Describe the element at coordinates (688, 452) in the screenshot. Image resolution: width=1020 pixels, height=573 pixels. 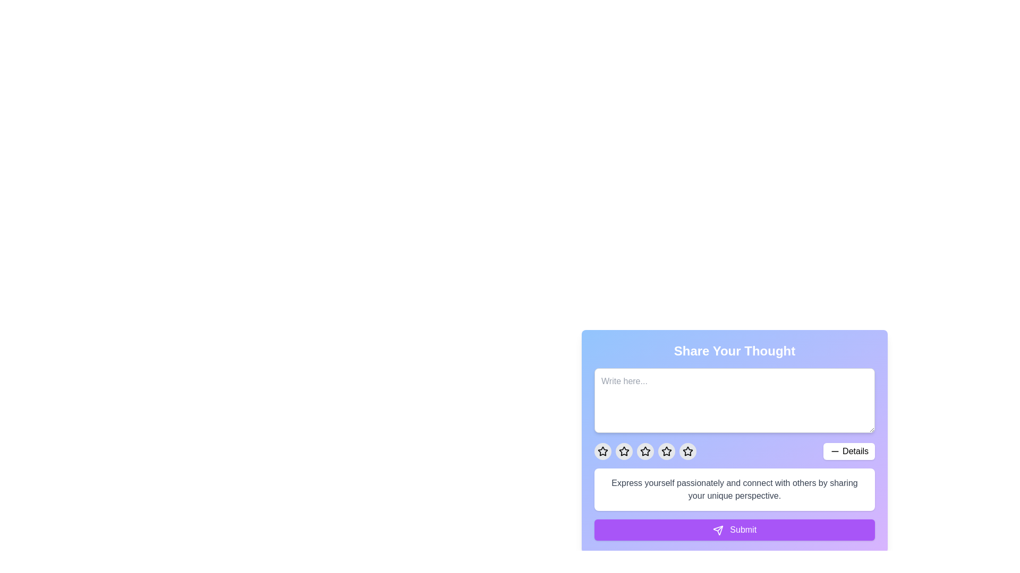
I see `the fifth rating star button` at that location.